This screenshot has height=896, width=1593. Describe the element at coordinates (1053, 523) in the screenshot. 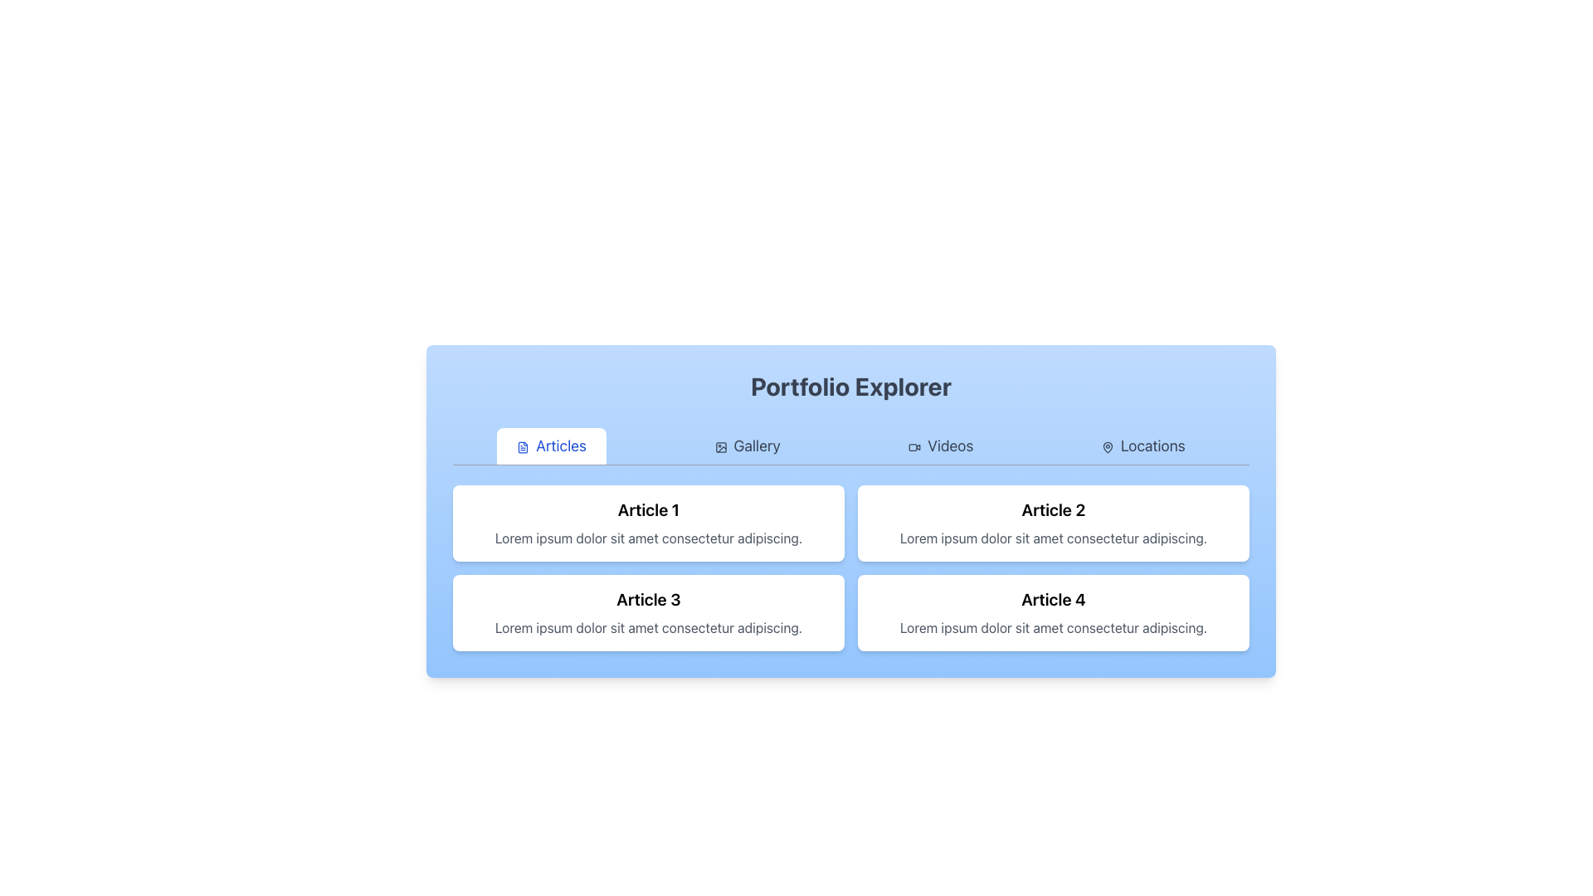

I see `the display card summarizing or linking to 'Article 2', which is located in the second column of the grid layout under 'Portfolio Explorer'` at that location.